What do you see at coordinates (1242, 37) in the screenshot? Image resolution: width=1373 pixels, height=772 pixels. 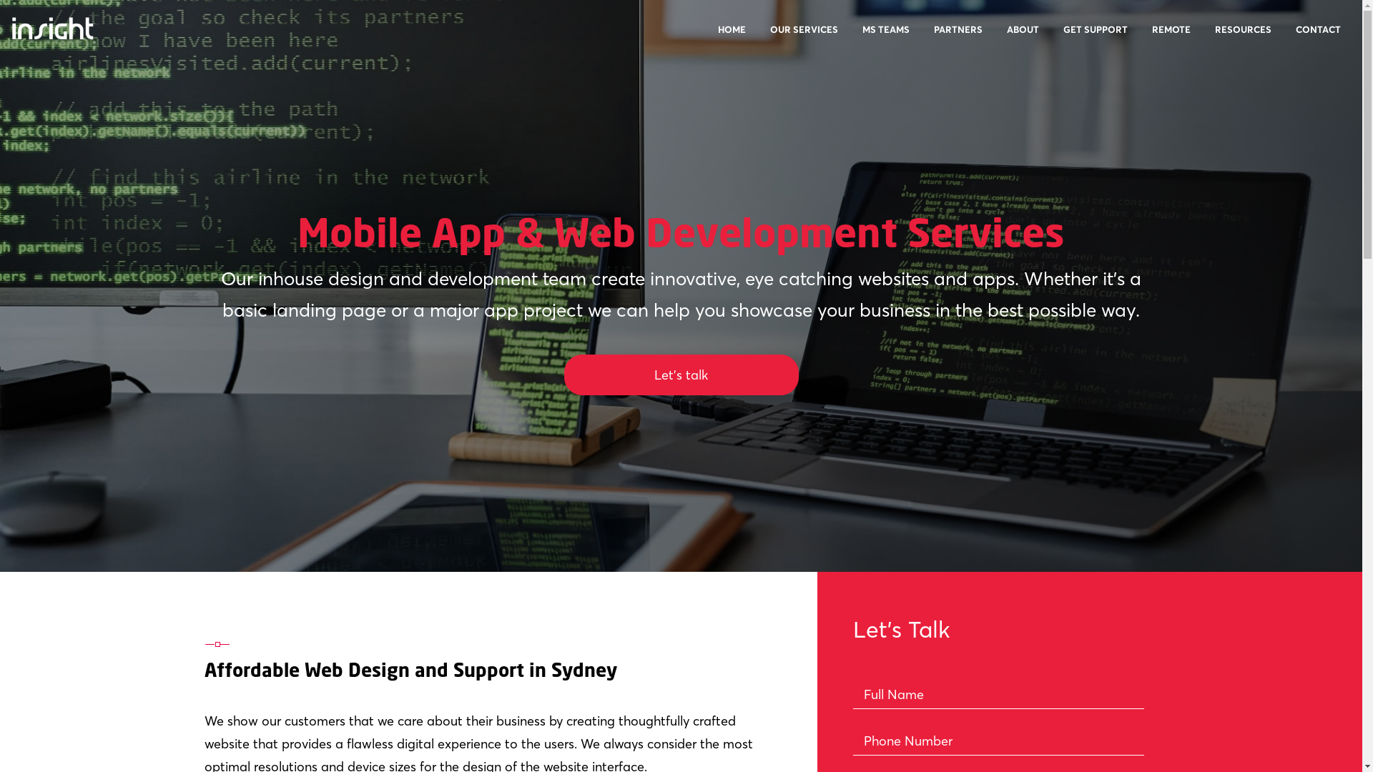 I see `'RESOURCES'` at bounding box center [1242, 37].